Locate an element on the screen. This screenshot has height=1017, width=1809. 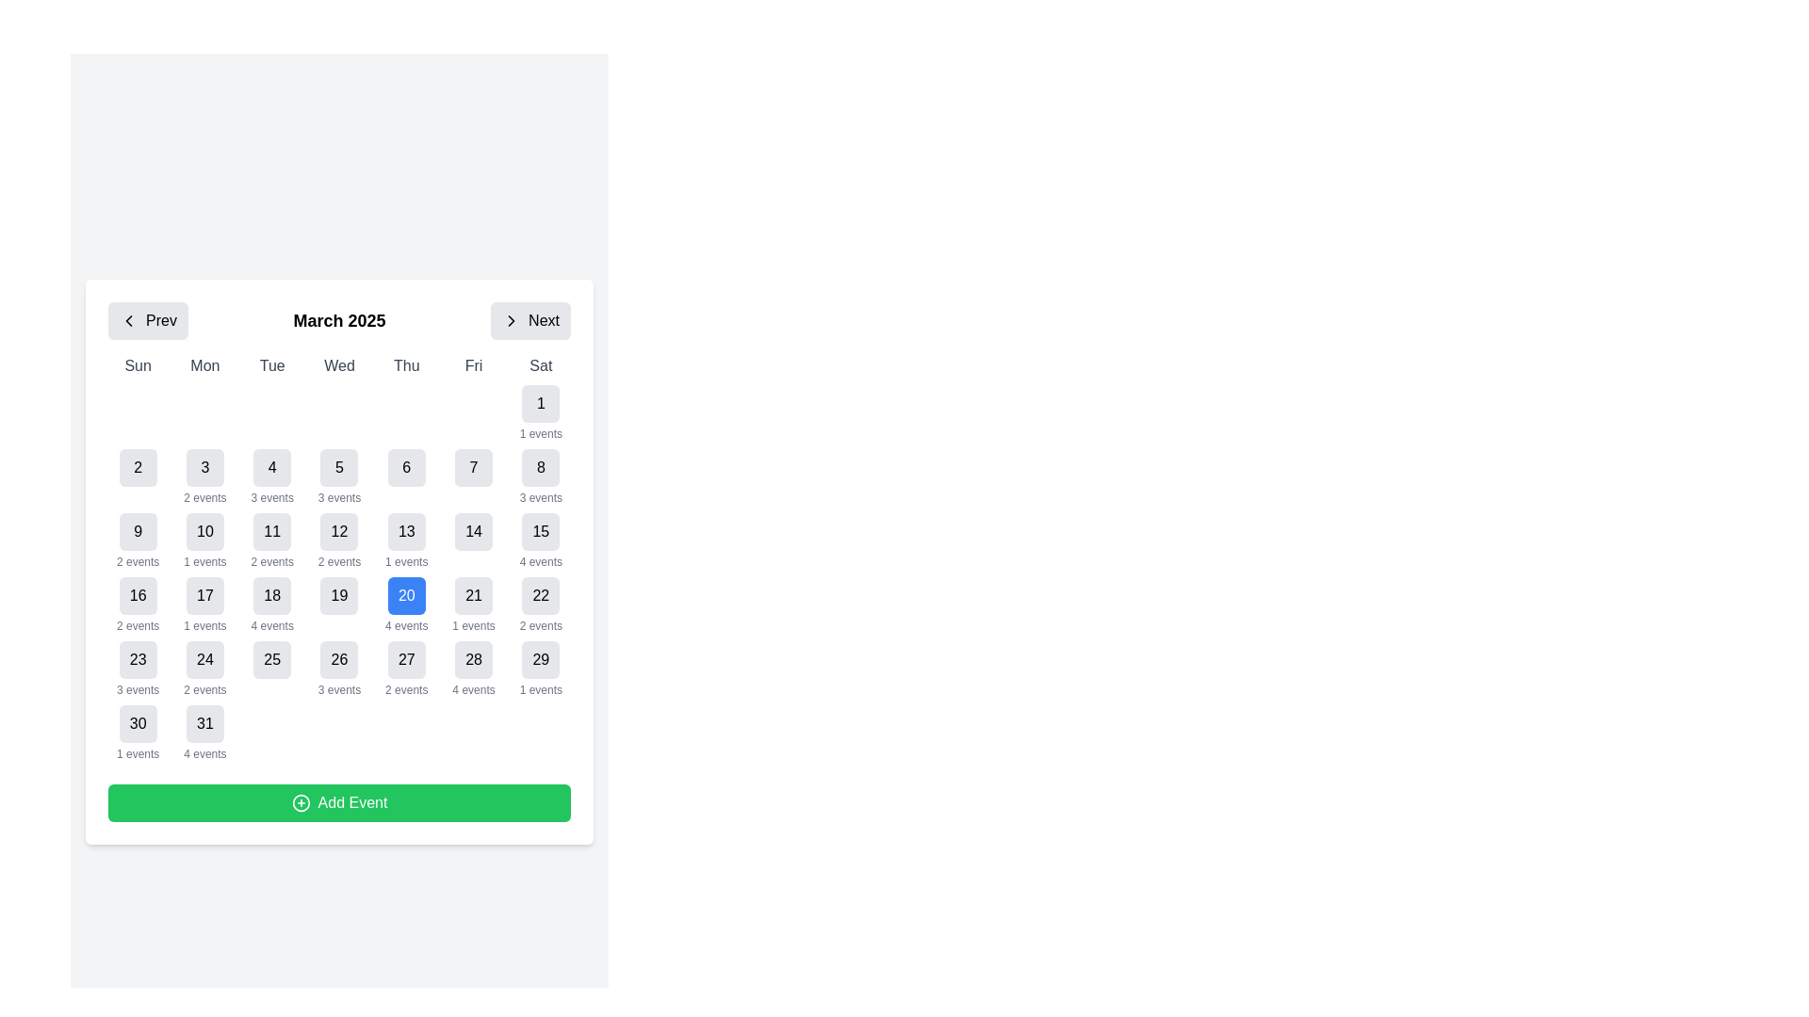
the calendar date tile representing the date '23' is located at coordinates (137, 668).